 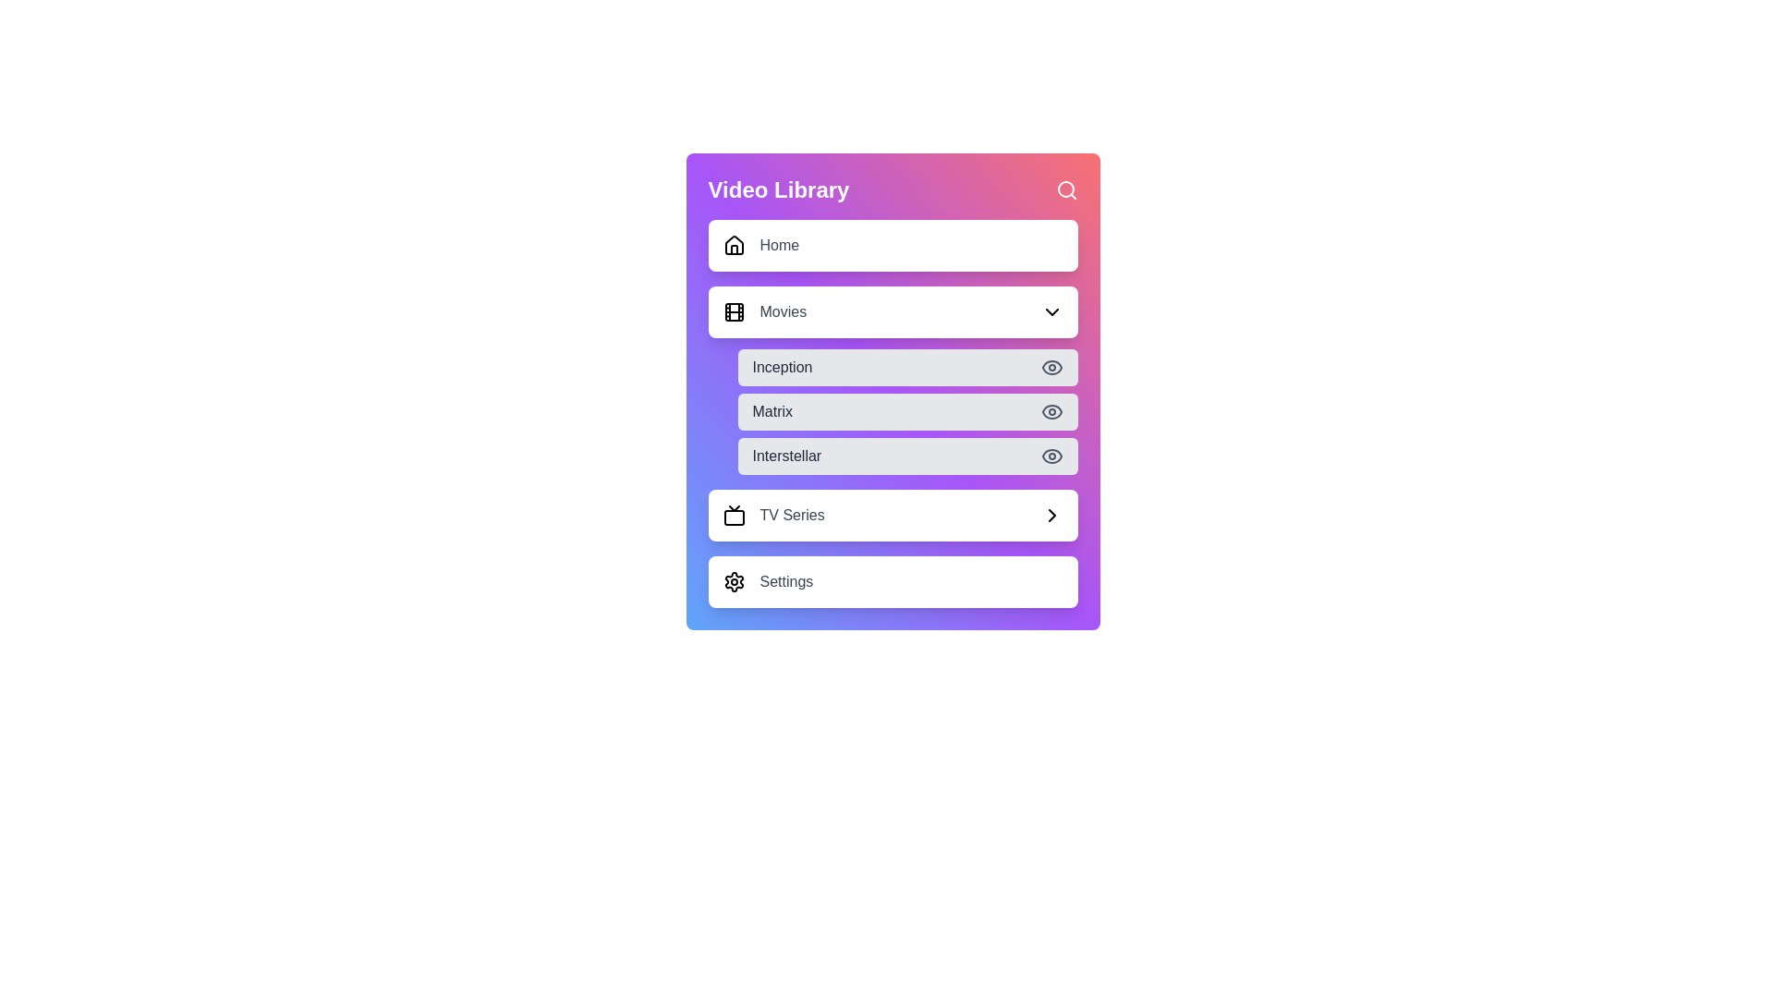 I want to click on the settings button located at the bottom of the vertical list, directly below the 'TV Series' button, so click(x=893, y=580).